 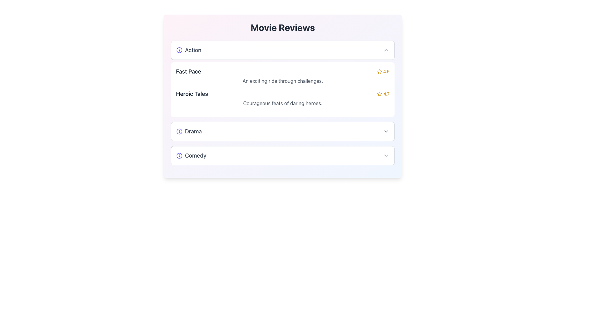 I want to click on the star-shaped icon with a hollow center and golden outline located in the 'Heroic Tales' review section, positioned before the rating text '4.7', so click(x=379, y=94).